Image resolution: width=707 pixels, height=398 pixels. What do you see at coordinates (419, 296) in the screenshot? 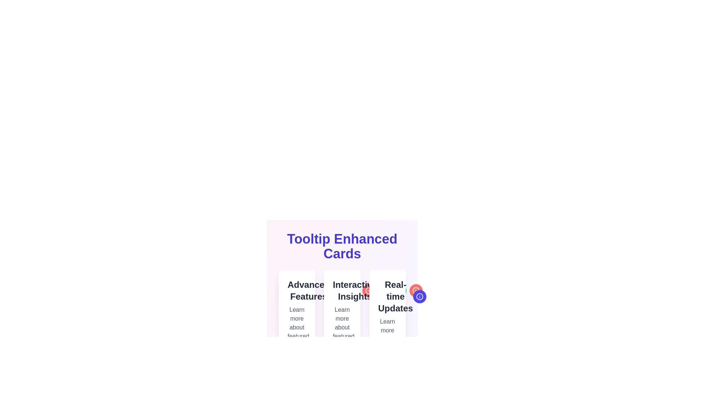
I see `the first circular button located in the 'Tooltip Enhanced Cards' section` at bounding box center [419, 296].